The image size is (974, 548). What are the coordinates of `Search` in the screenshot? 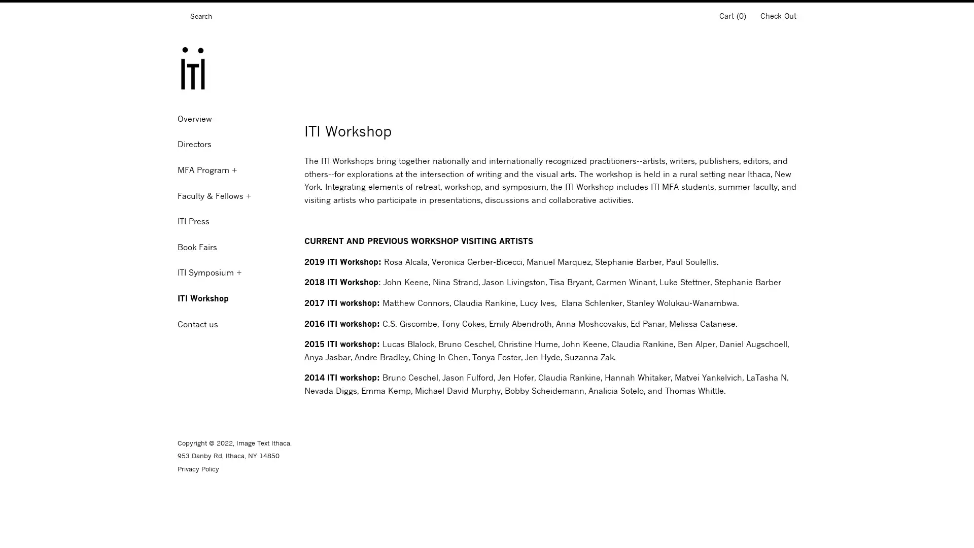 It's located at (180, 18).